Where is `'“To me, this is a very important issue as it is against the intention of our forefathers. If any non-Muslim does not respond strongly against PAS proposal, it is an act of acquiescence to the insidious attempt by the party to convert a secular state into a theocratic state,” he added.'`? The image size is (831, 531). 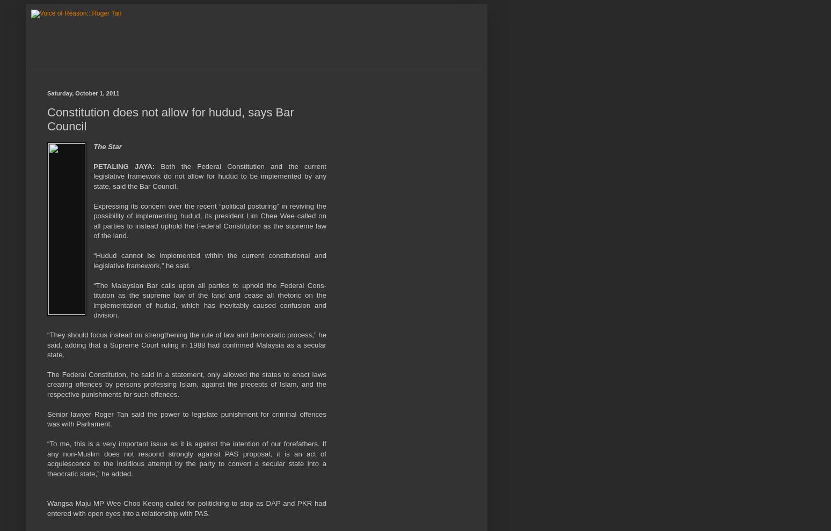 '“To me, this is a very important issue as it is against the intention of our forefathers. If any non-Muslim does not respond strongly against PAS proposal, it is an act of acquiescence to the insidious attempt by the party to convert a secular state into a theocratic state,” he added.' is located at coordinates (186, 458).